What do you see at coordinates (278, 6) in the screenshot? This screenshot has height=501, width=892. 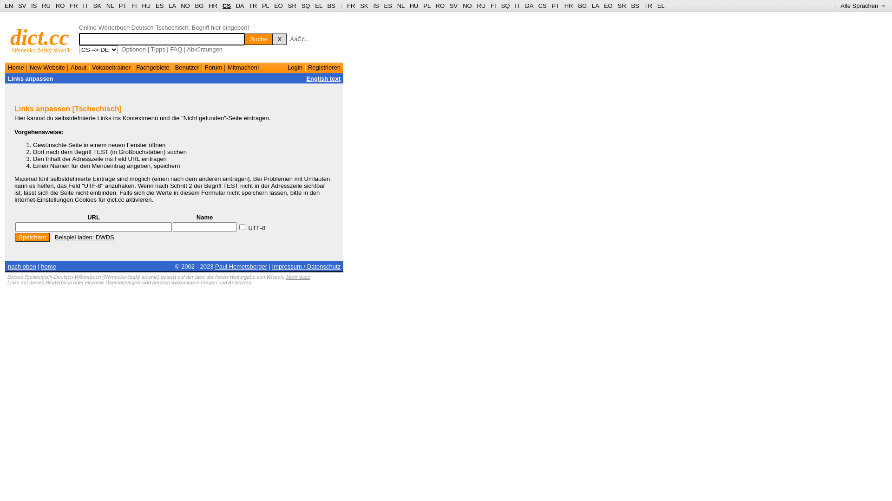 I see `'EO'` at bounding box center [278, 6].